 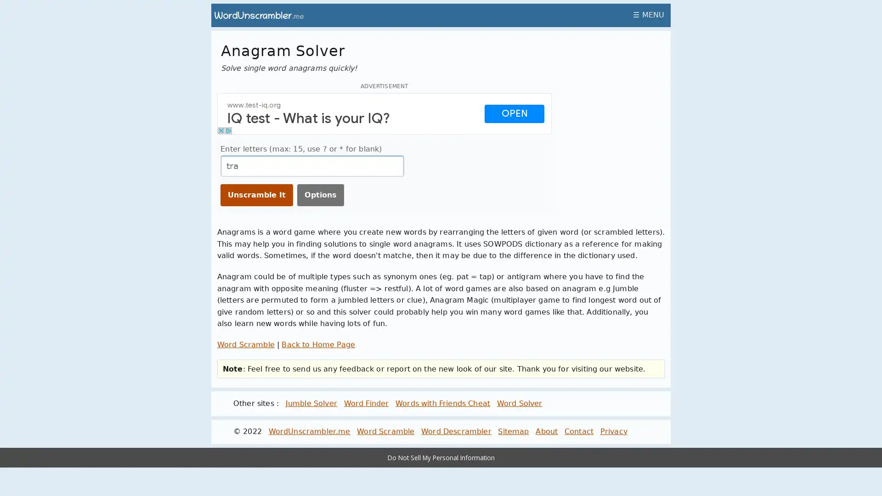 I want to click on Options, so click(x=320, y=194).